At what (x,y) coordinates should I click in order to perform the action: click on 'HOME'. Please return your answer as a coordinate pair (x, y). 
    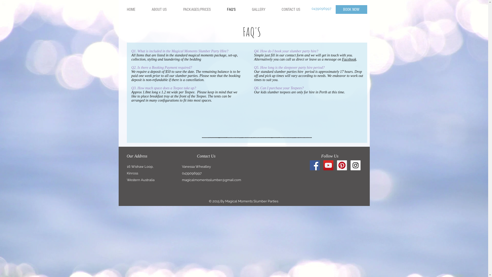
    Looking at the image, I should click on (131, 9).